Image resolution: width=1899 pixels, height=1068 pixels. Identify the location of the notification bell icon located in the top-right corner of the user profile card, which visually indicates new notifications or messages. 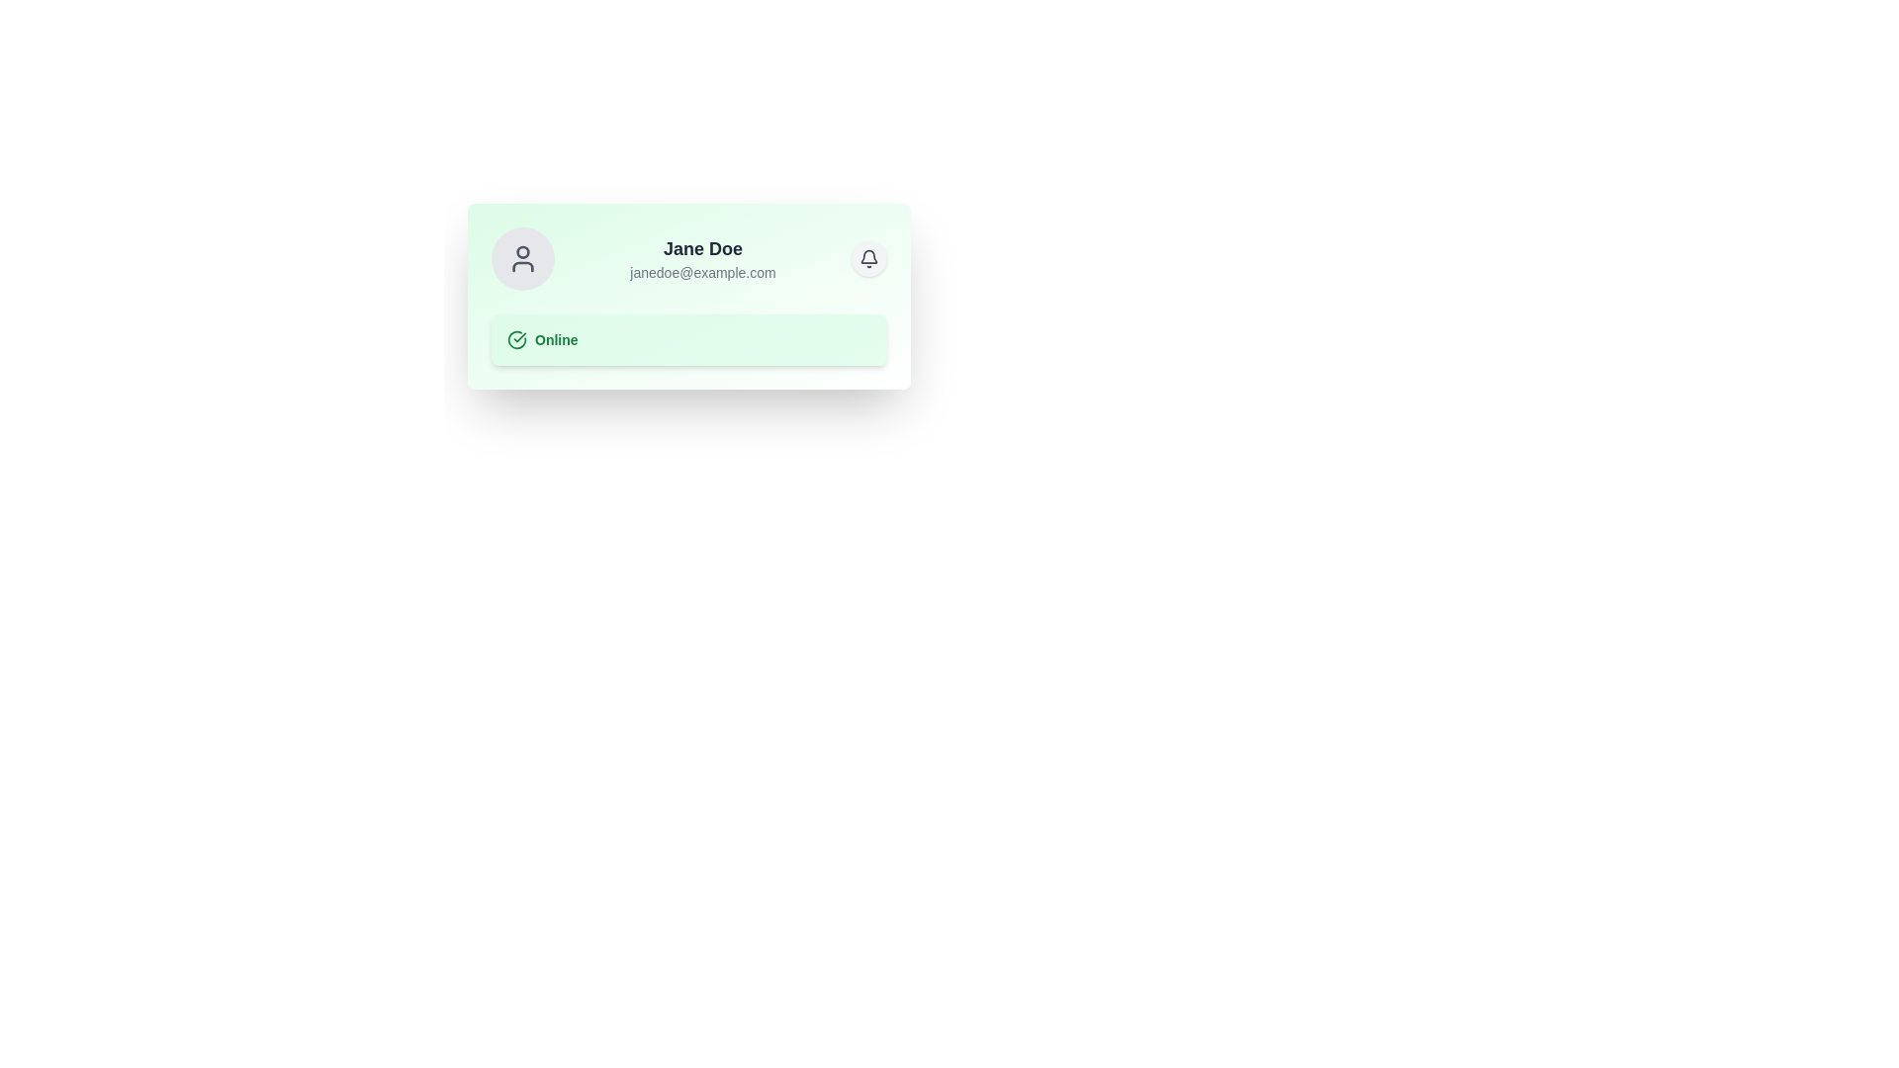
(868, 255).